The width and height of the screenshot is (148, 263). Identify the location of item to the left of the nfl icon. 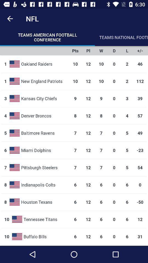
(10, 19).